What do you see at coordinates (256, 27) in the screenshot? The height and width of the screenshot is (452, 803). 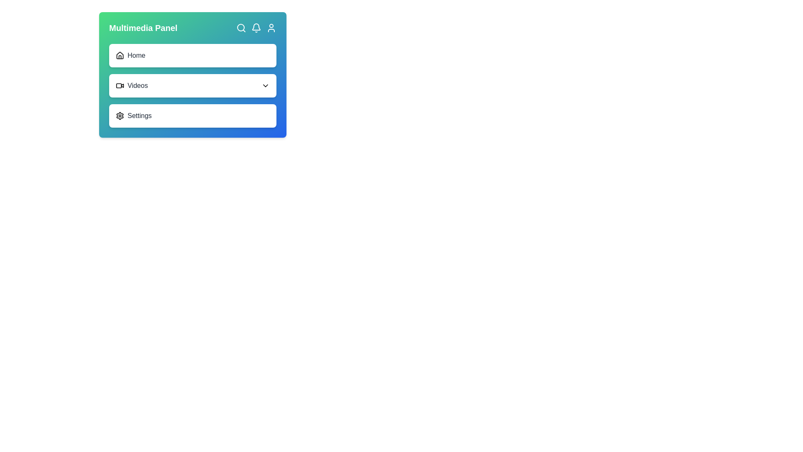 I see `the notification icon located between the magnifying glass icon and the person icon in the top-right corner of the Multimedia Panel` at bounding box center [256, 27].